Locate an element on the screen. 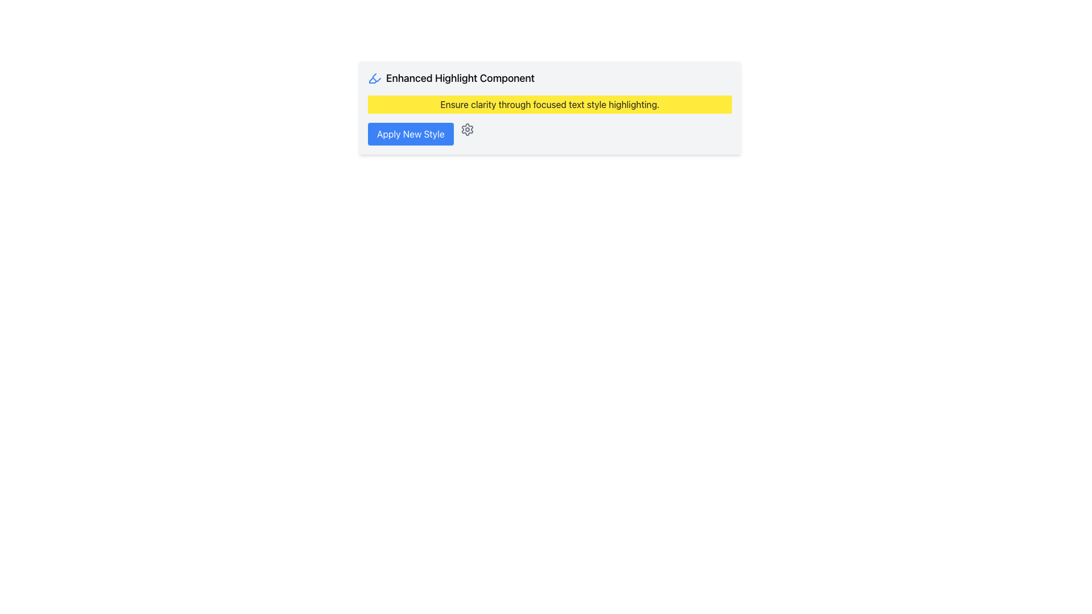 This screenshot has height=614, width=1092. the text element displaying 'Enhanced Highlight Component', which is bold and larger than surrounding text, positioned to the right of a small blue highlighter icon is located at coordinates (460, 78).